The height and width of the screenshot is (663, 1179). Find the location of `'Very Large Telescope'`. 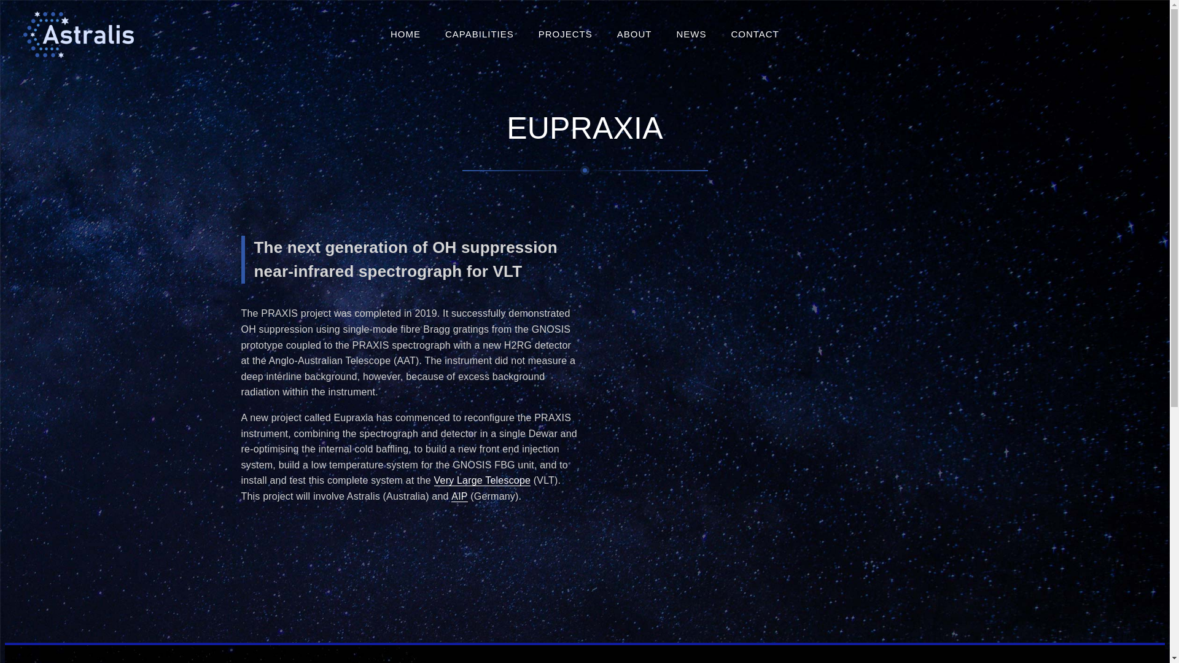

'Very Large Telescope' is located at coordinates (434, 480).